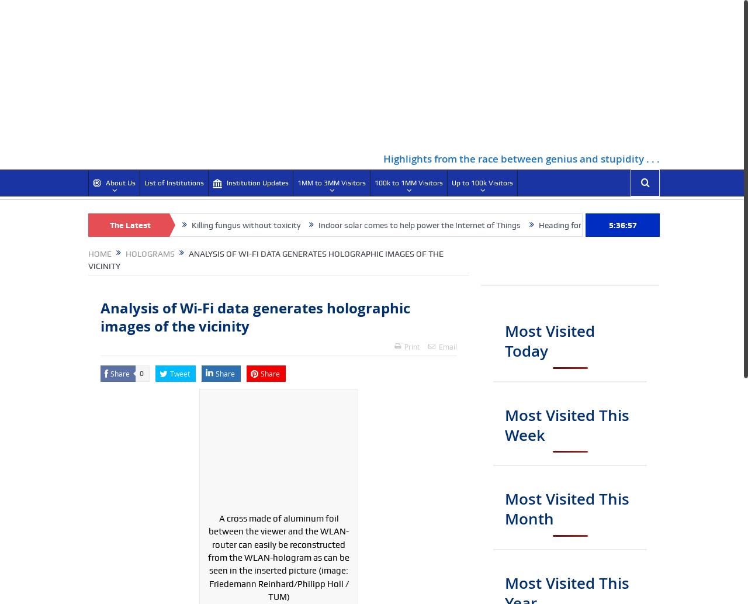  Describe the element at coordinates (331, 182) in the screenshot. I see `'1MM to 3MM Visitors'` at that location.